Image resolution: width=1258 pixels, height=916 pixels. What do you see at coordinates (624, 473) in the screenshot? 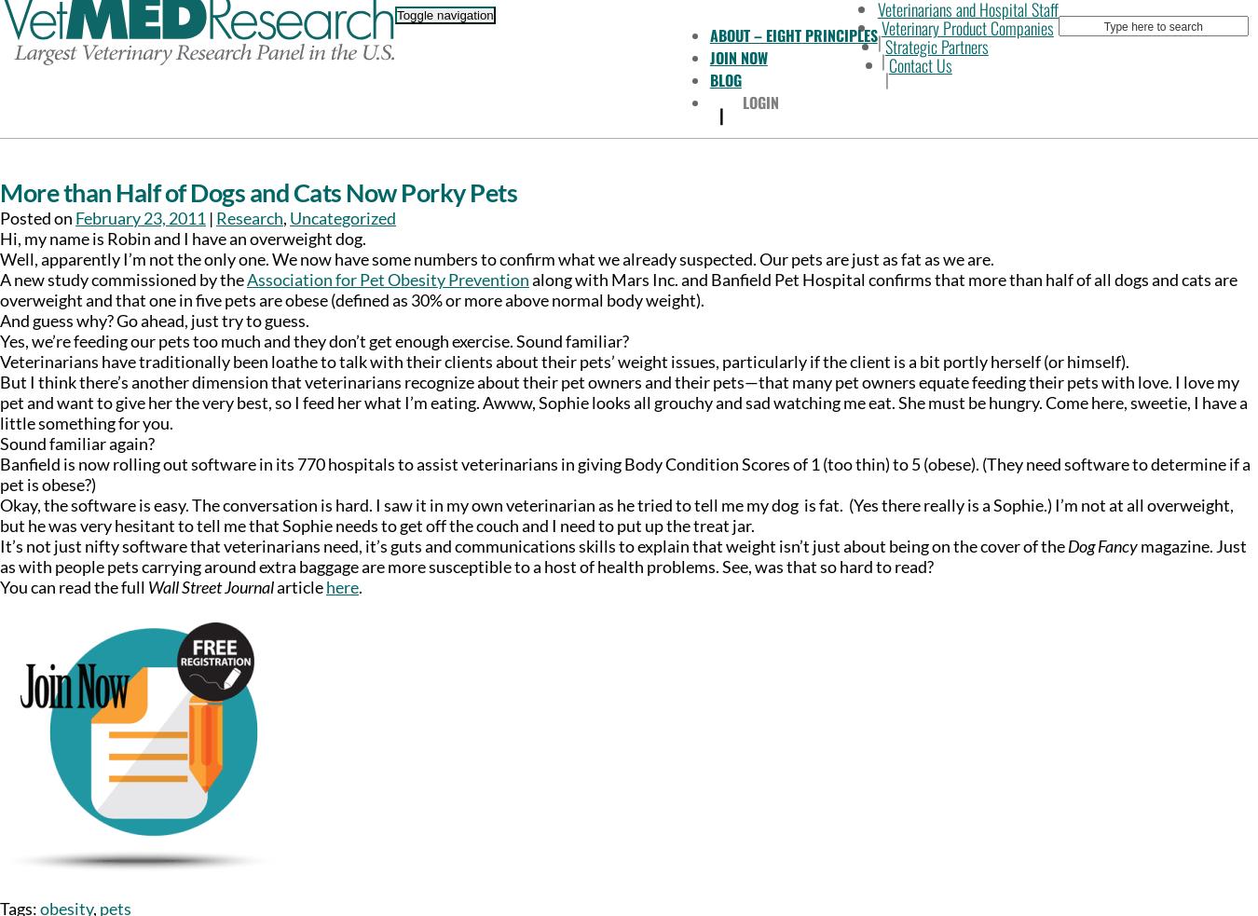
I see `'Banfield is now rolling out software in its 770 hospitals to assist veterinarians in giving Body Condition Scores of 1 (too thin) to 5 (obese). (They need software to determine if a pet is obese?)'` at bounding box center [624, 473].